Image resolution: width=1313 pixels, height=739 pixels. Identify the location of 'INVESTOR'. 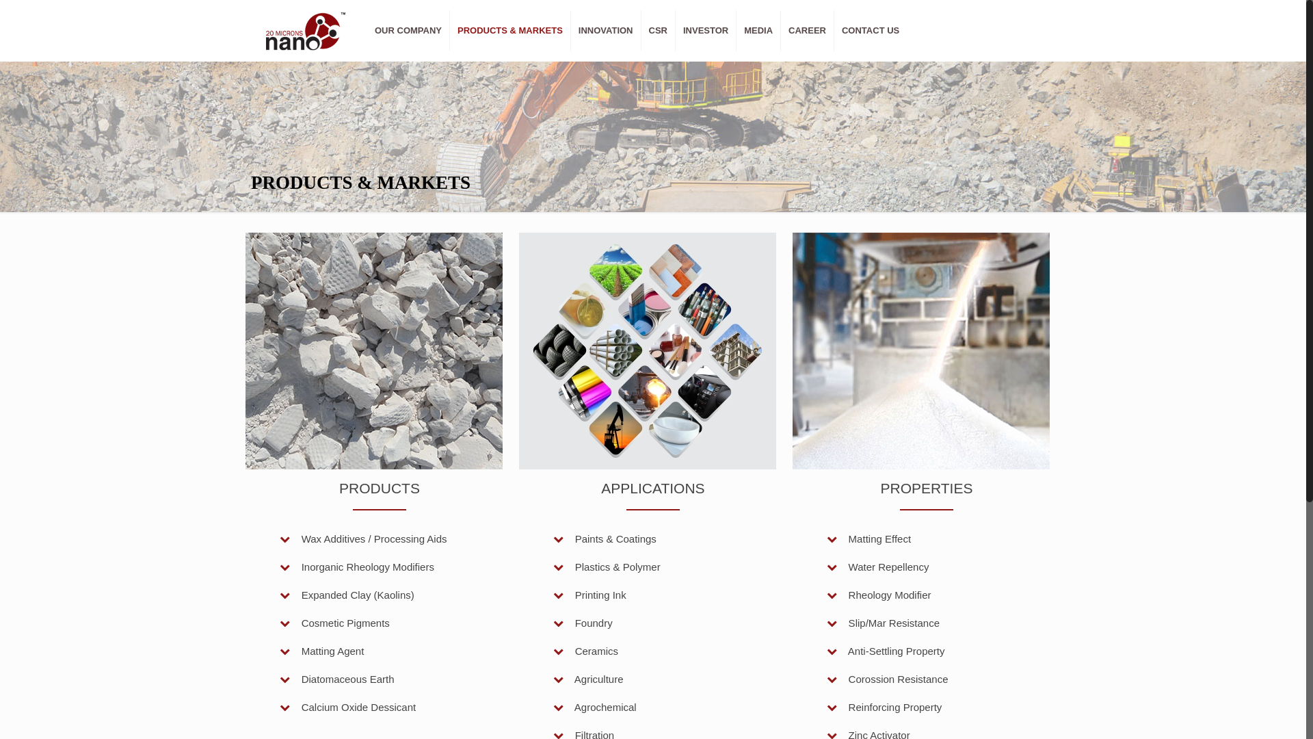
(706, 31).